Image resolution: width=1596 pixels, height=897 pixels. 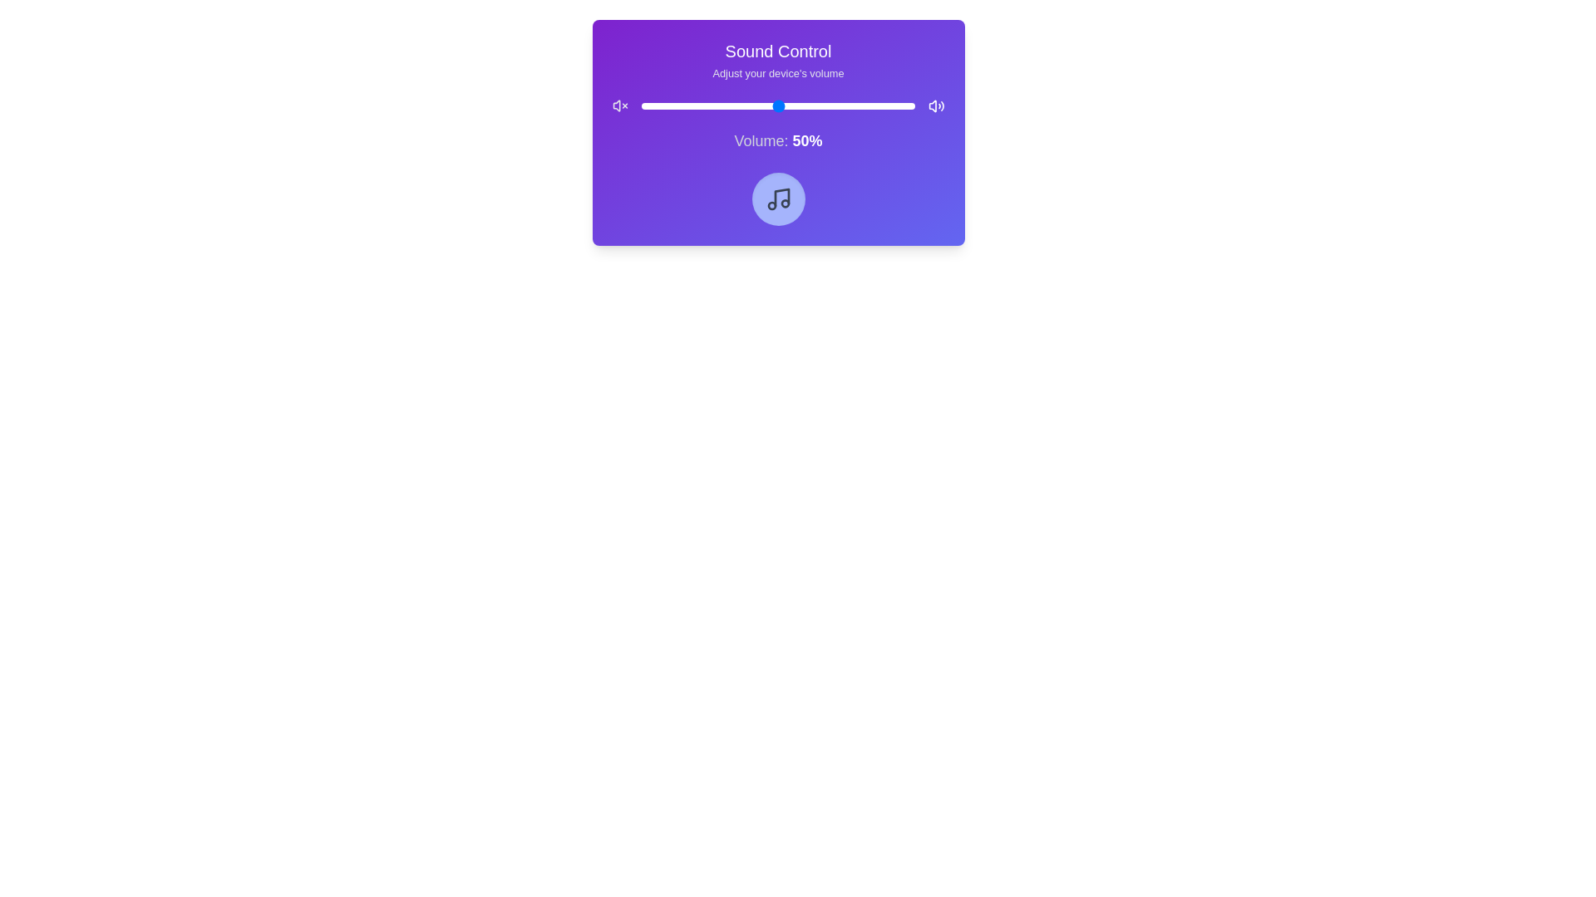 What do you see at coordinates (649, 105) in the screenshot?
I see `the volume slider to 3%` at bounding box center [649, 105].